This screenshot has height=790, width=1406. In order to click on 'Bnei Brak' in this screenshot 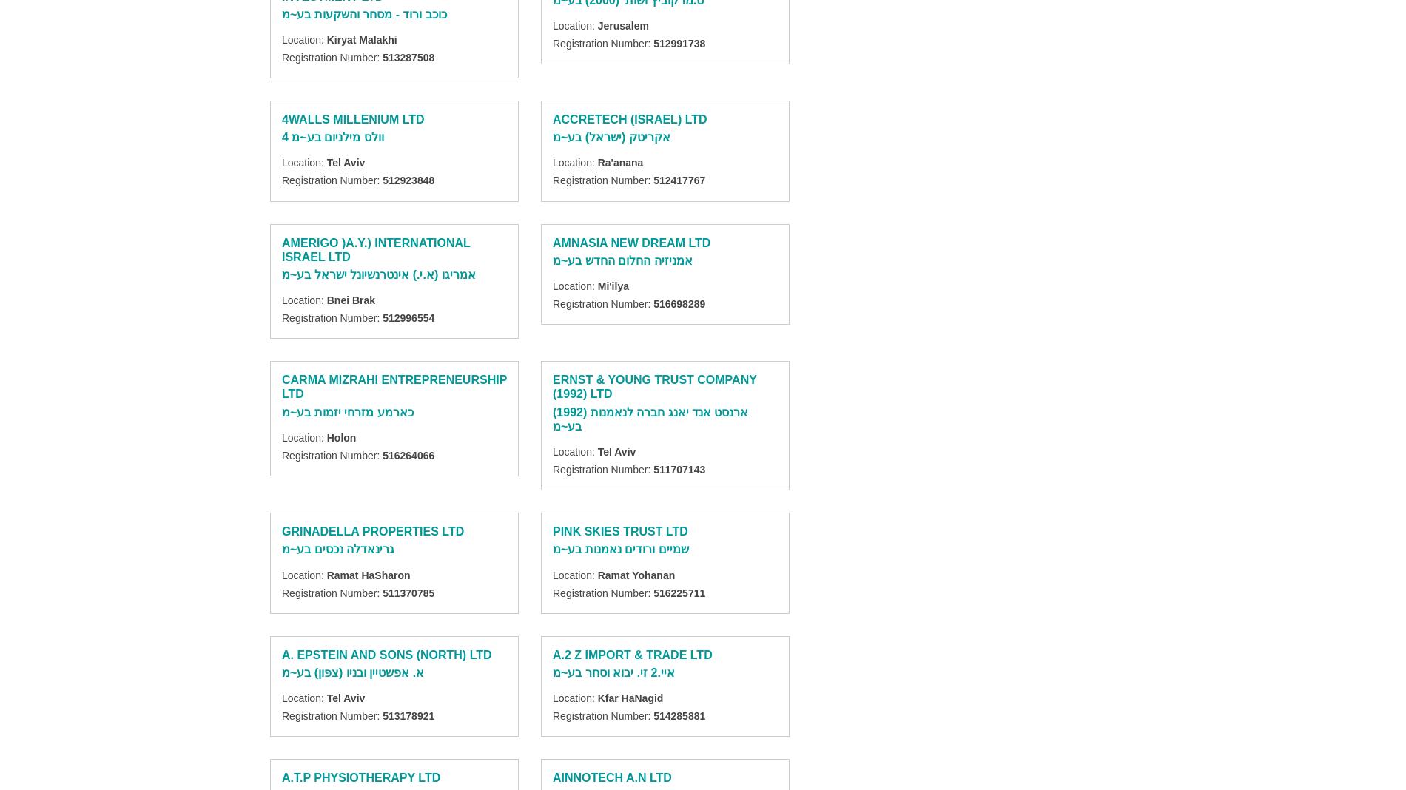, I will do `click(350, 300)`.